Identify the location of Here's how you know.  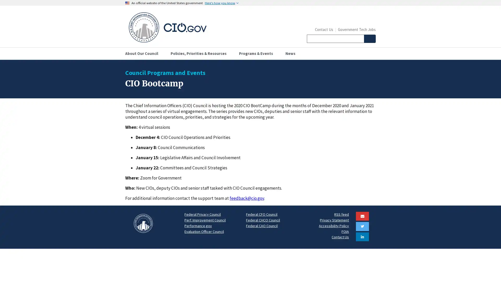
(222, 3).